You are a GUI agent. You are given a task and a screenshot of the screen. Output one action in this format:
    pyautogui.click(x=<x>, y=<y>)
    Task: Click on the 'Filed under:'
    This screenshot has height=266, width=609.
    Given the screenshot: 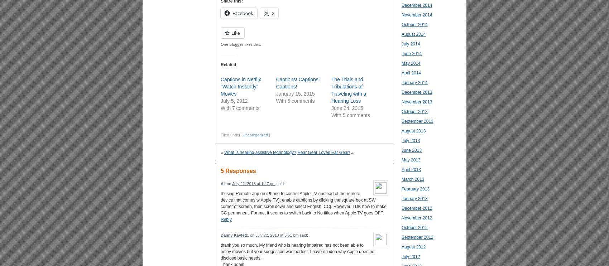 What is the action you would take?
    pyautogui.click(x=220, y=134)
    